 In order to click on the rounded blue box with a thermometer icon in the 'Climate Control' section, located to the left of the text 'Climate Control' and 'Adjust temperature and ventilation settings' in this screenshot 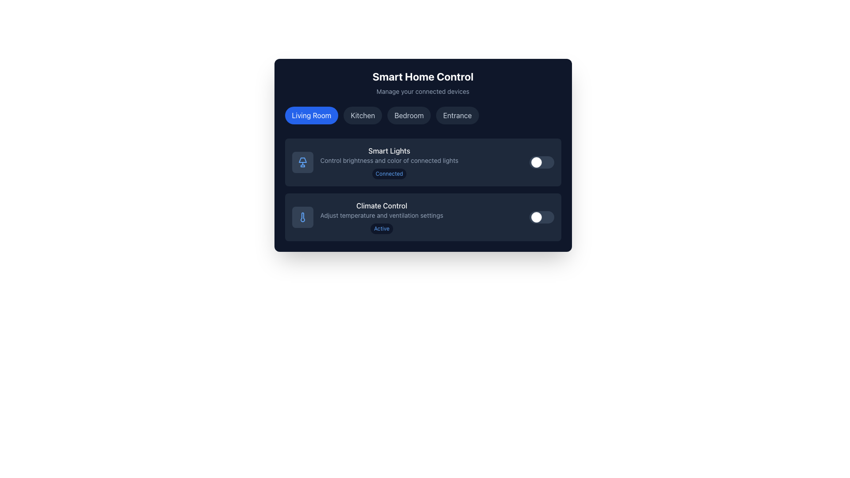, I will do `click(302, 217)`.